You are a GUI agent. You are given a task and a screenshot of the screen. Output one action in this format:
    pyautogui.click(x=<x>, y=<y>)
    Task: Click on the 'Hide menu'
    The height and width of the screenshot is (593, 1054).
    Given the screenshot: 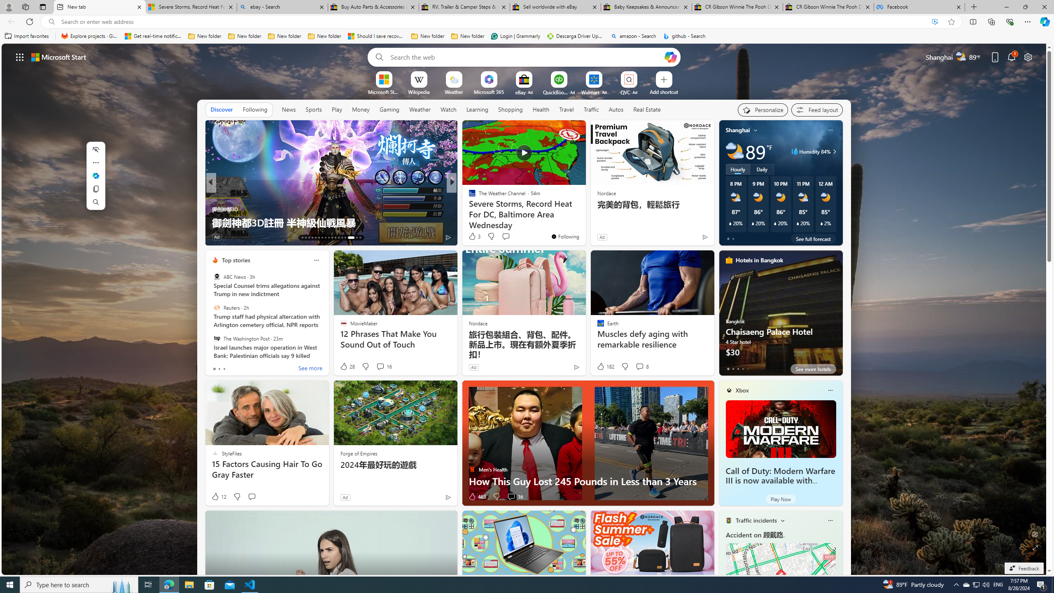 What is the action you would take?
    pyautogui.click(x=96, y=149)
    